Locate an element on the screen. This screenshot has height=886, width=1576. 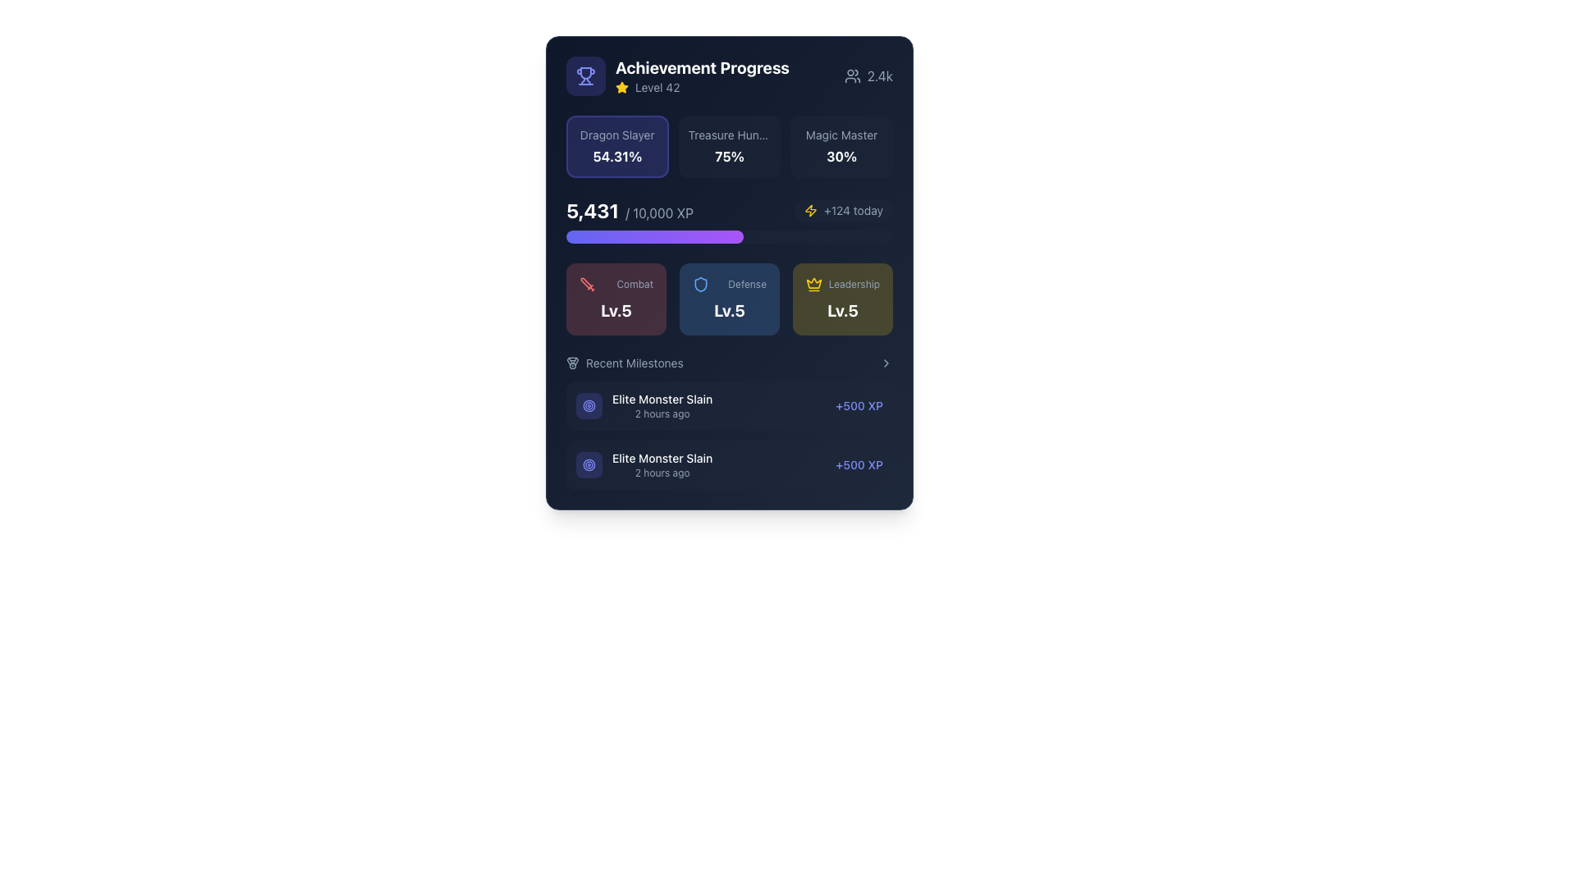
the star icon, which is styled with a yellow fill and border, located to the left of the text 'Level 42' in the 'Achievement Progress' card is located at coordinates (621, 87).